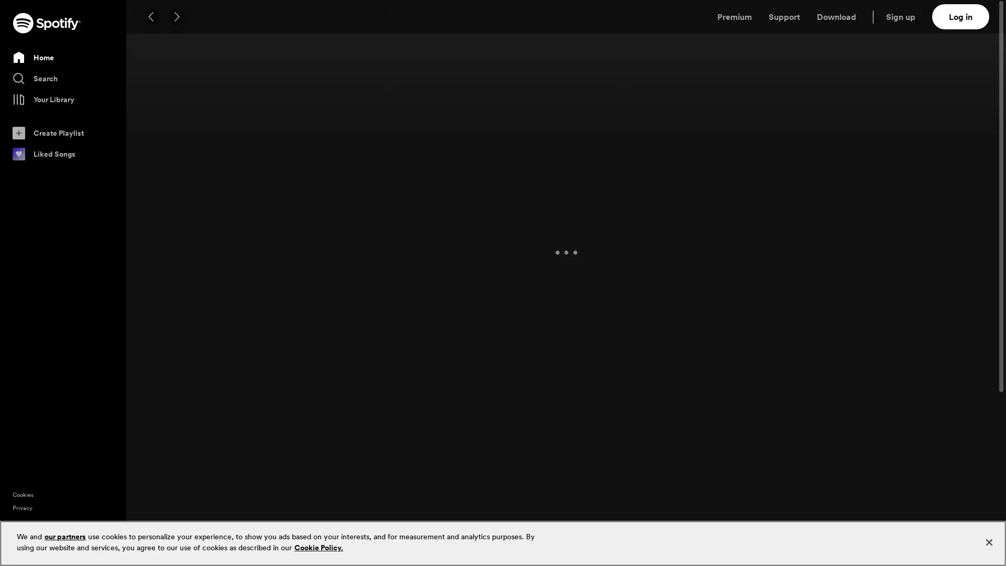 This screenshot has width=1006, height=566. I want to click on Download, so click(836, 16).